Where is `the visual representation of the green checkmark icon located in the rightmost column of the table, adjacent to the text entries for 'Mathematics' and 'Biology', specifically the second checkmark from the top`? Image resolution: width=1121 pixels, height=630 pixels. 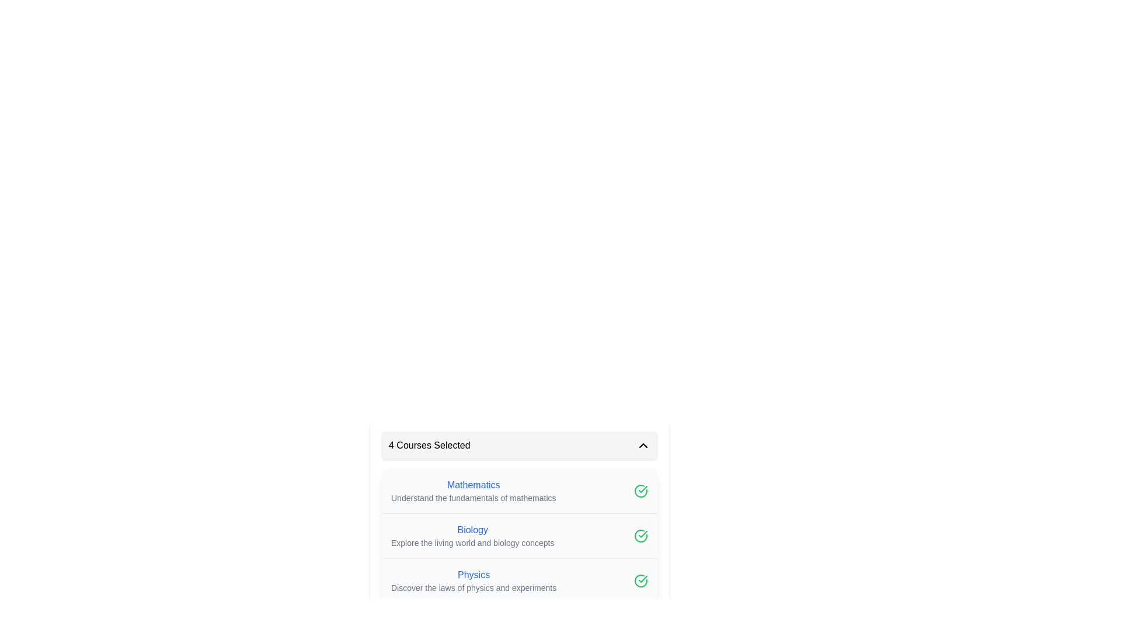 the visual representation of the green checkmark icon located in the rightmost column of the table, adjacent to the text entries for 'Mathematics' and 'Biology', specifically the second checkmark from the top is located at coordinates (640, 580).